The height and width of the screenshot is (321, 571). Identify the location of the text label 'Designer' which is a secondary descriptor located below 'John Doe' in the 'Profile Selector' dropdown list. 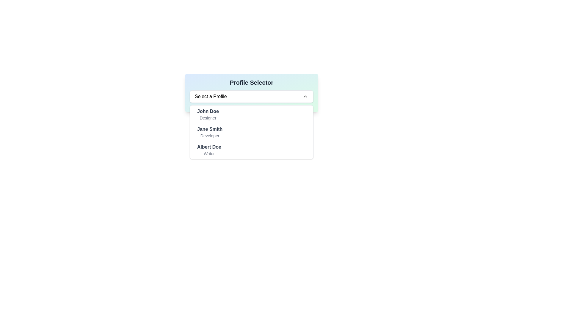
(208, 118).